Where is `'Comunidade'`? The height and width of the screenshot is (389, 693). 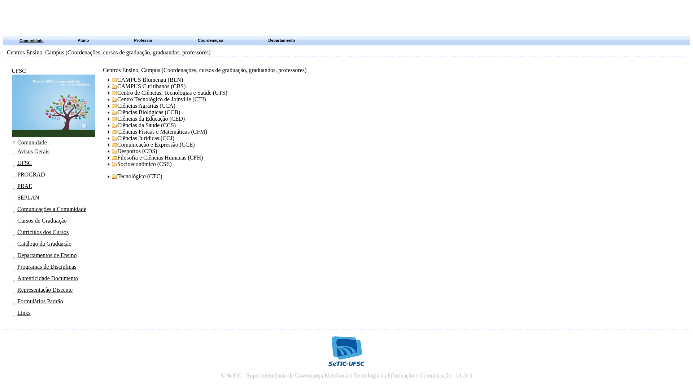 'Comunidade' is located at coordinates (31, 40).